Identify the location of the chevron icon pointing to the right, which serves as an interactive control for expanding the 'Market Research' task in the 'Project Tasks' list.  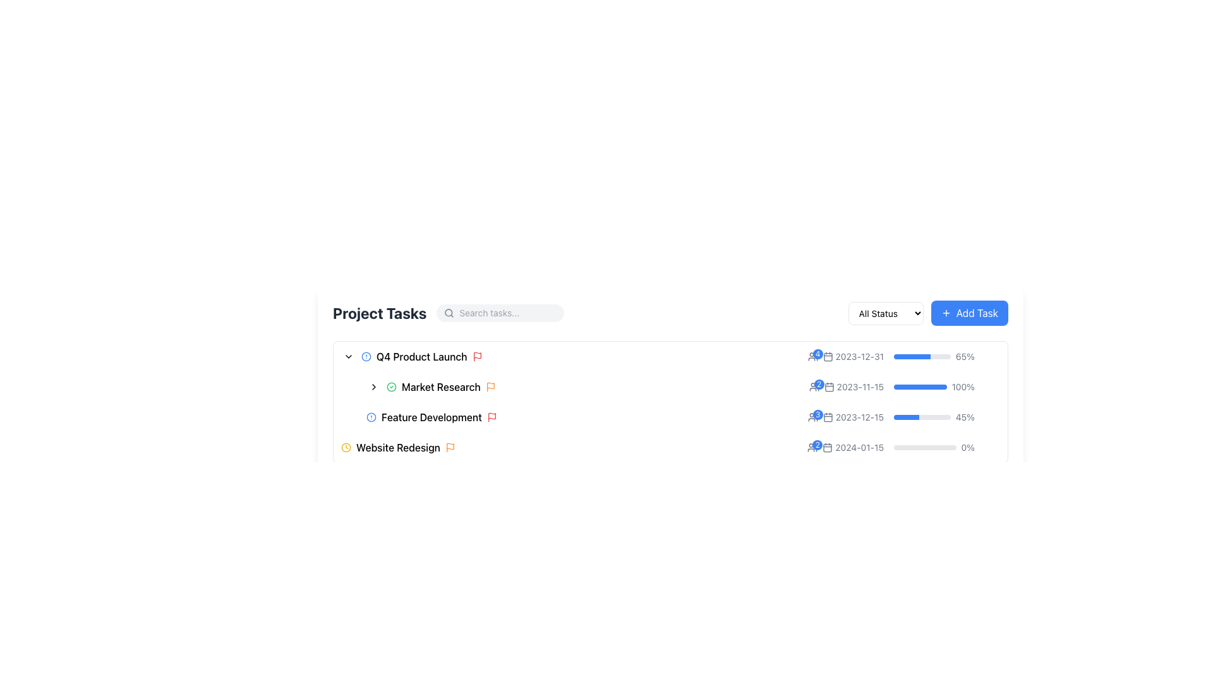
(373, 386).